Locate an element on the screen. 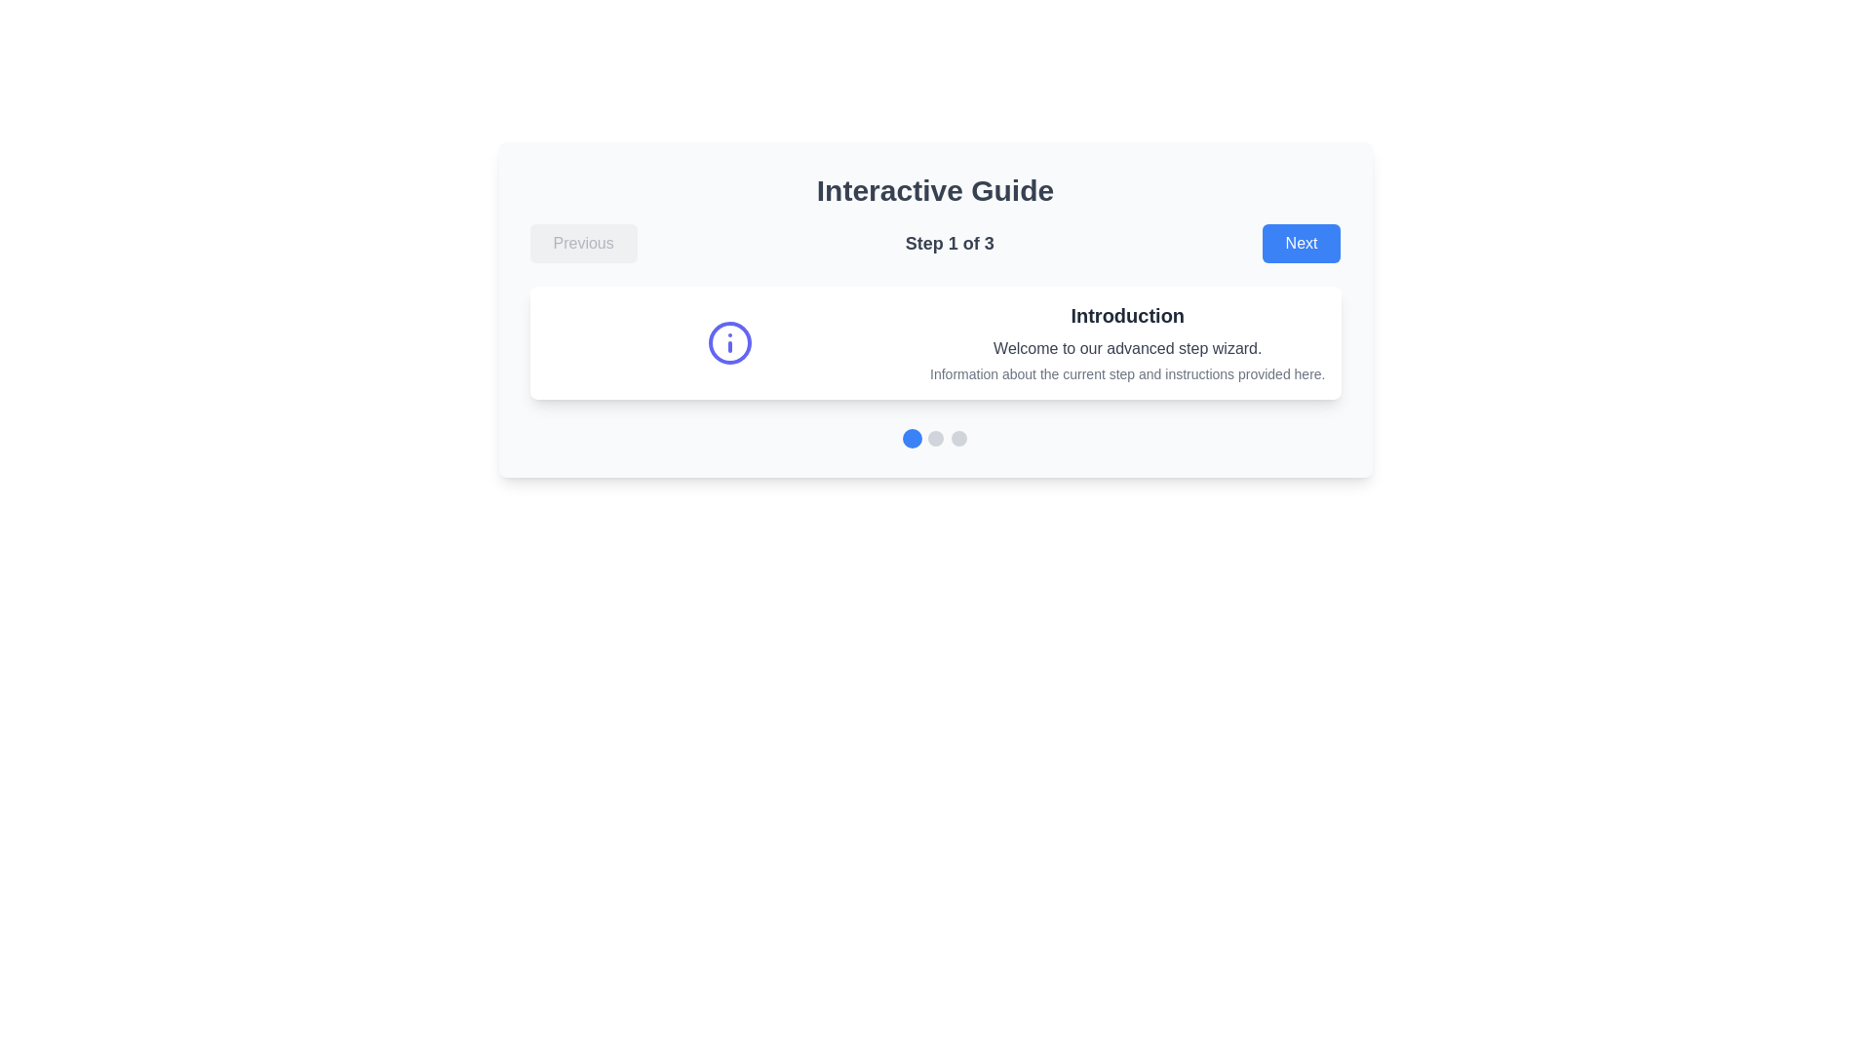 The height and width of the screenshot is (1053, 1872). the small gray text block containing 'Information about the current step and instructions provided here.' located below the line 'Welcome to our advanced step wizard.' is located at coordinates (1127, 374).